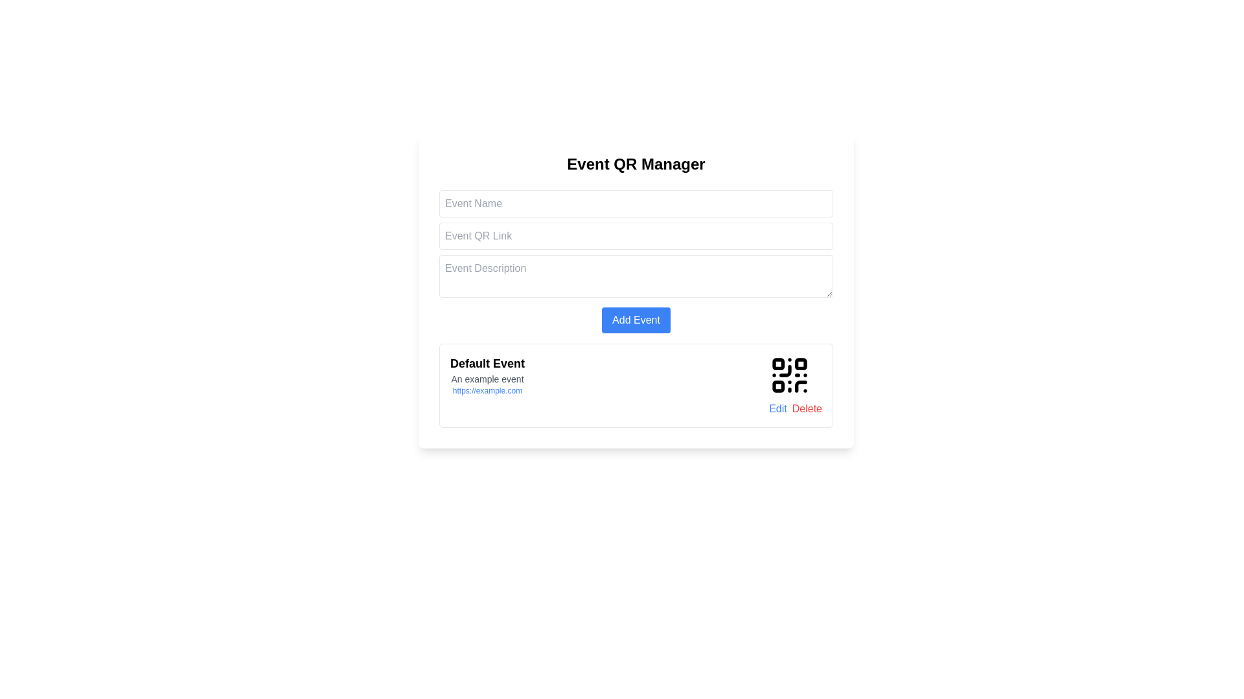 This screenshot has height=699, width=1244. What do you see at coordinates (777, 386) in the screenshot?
I see `the small black square with rounded corners located in the lower-left corner of the QR code design` at bounding box center [777, 386].